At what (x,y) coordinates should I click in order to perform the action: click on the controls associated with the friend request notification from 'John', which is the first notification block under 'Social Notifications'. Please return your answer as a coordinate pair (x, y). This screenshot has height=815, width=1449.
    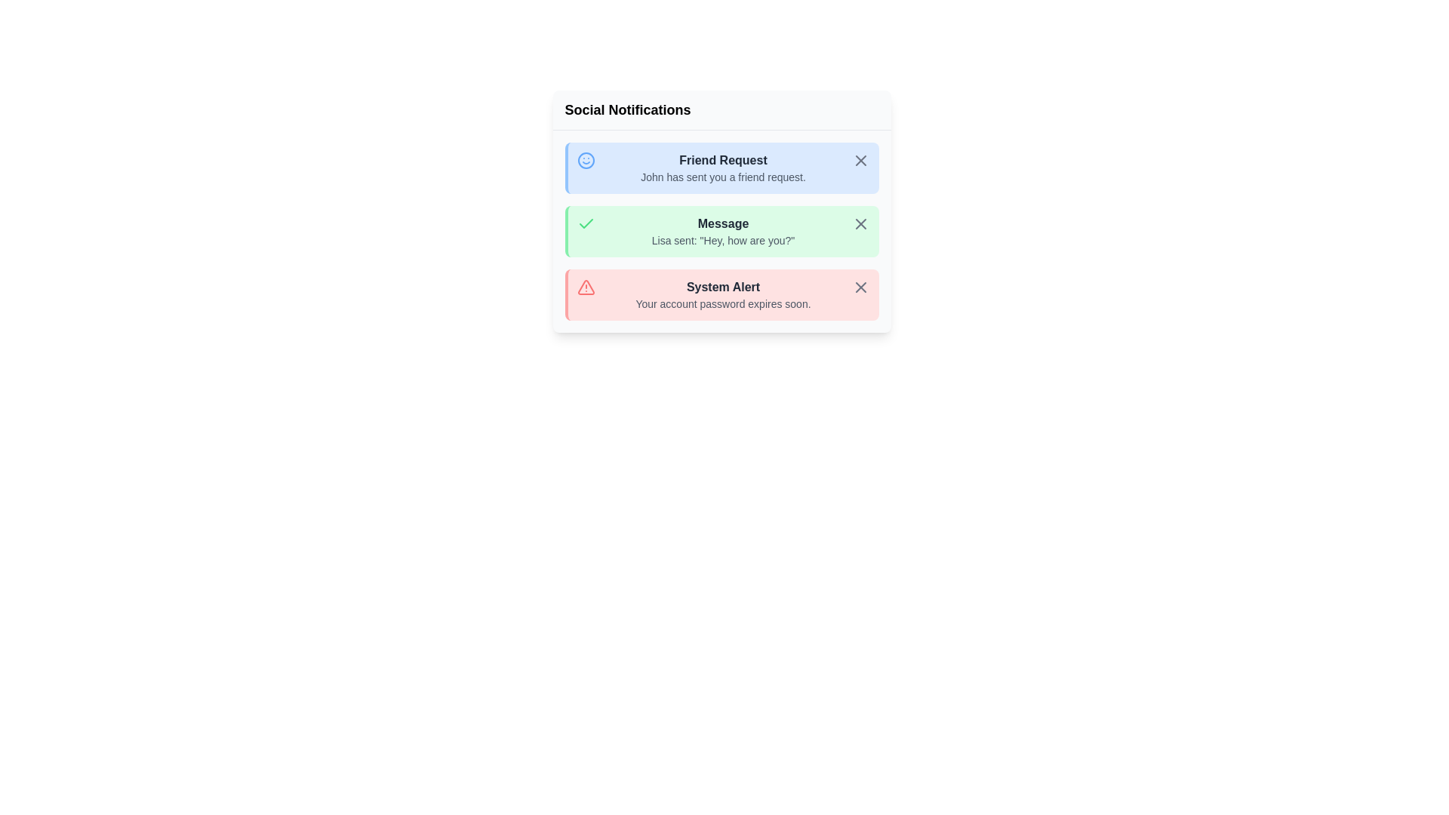
    Looking at the image, I should click on (722, 168).